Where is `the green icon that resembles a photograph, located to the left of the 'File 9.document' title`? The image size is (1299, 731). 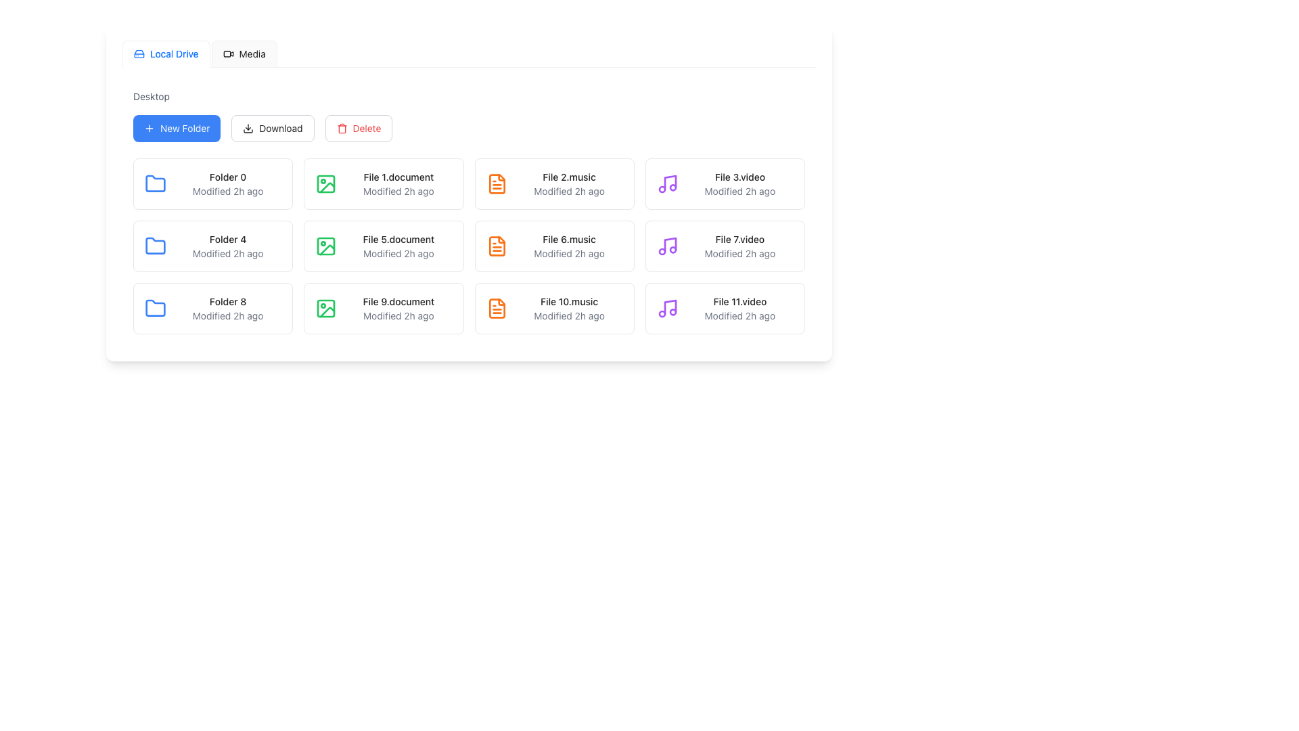
the green icon that resembles a photograph, located to the left of the 'File 9.document' title is located at coordinates (326, 308).